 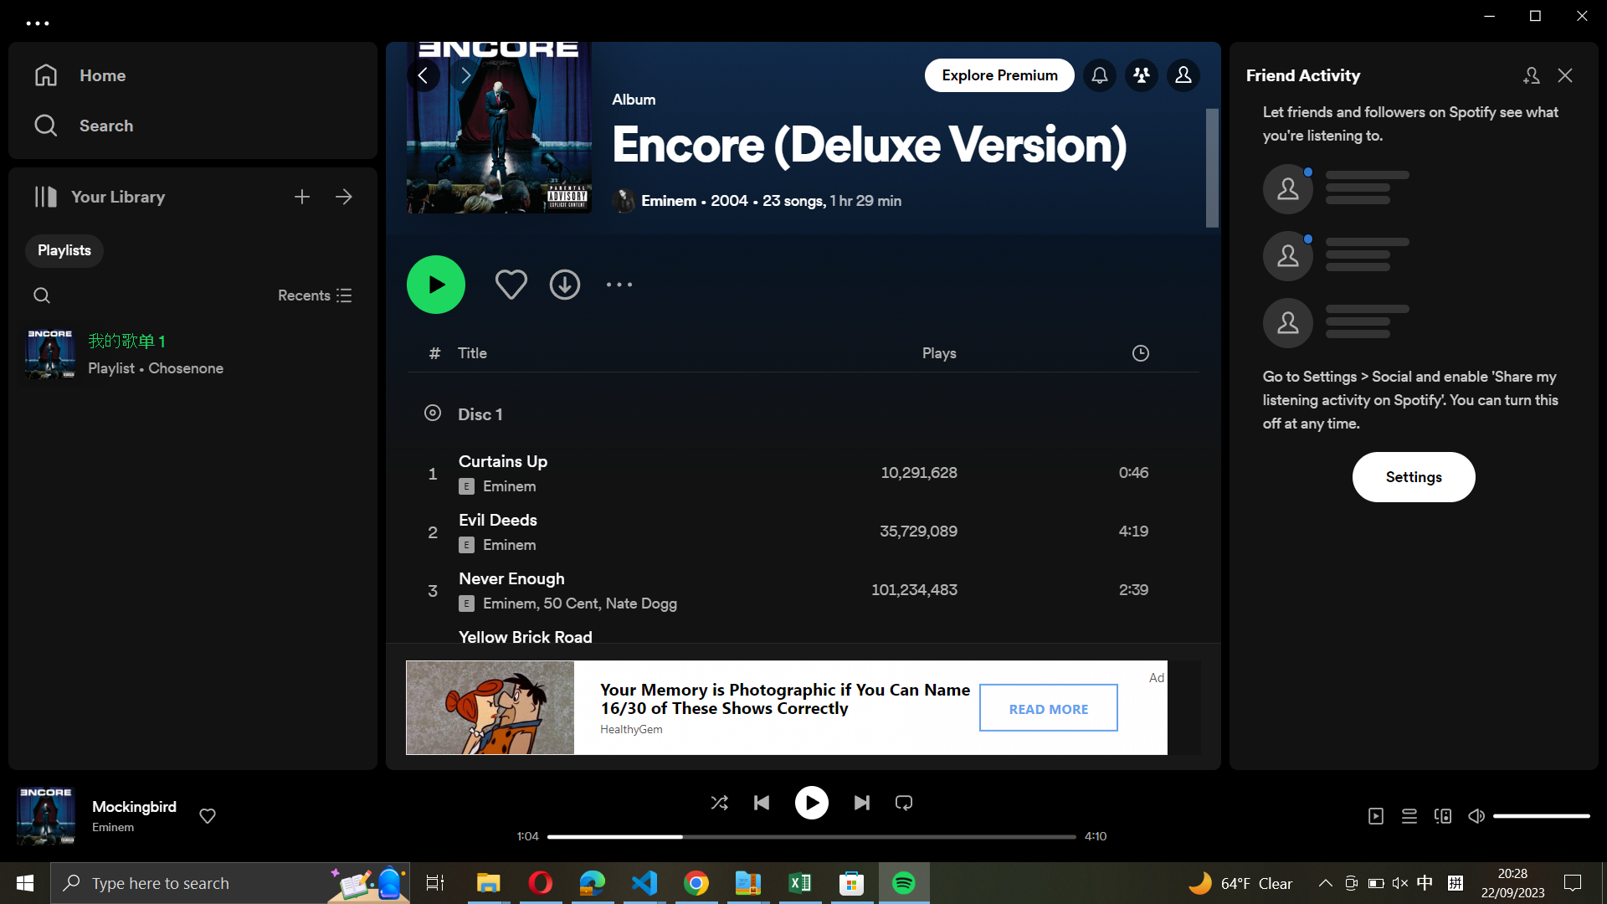 I want to click on Go back to the start of the ongoing song, so click(x=560, y=836).